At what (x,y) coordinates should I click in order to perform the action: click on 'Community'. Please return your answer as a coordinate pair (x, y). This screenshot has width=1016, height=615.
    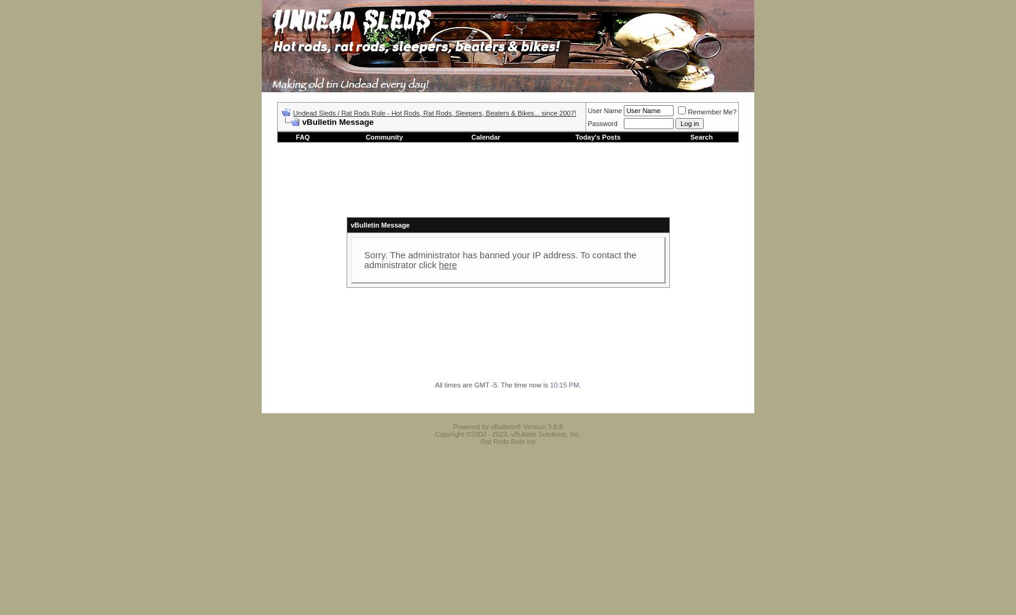
    Looking at the image, I should click on (383, 137).